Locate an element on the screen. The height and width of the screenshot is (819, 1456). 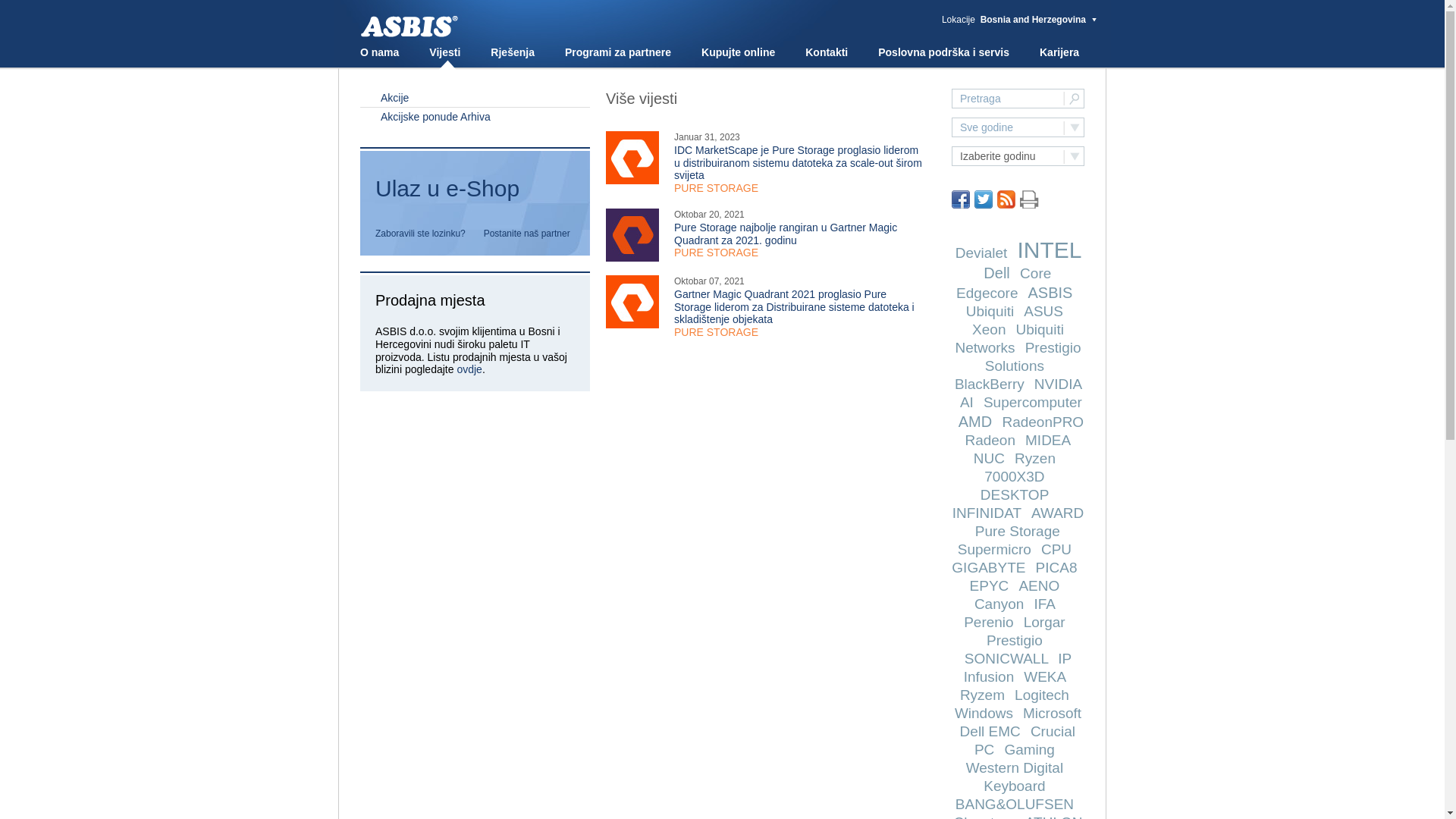
'Core' is located at coordinates (1019, 273).